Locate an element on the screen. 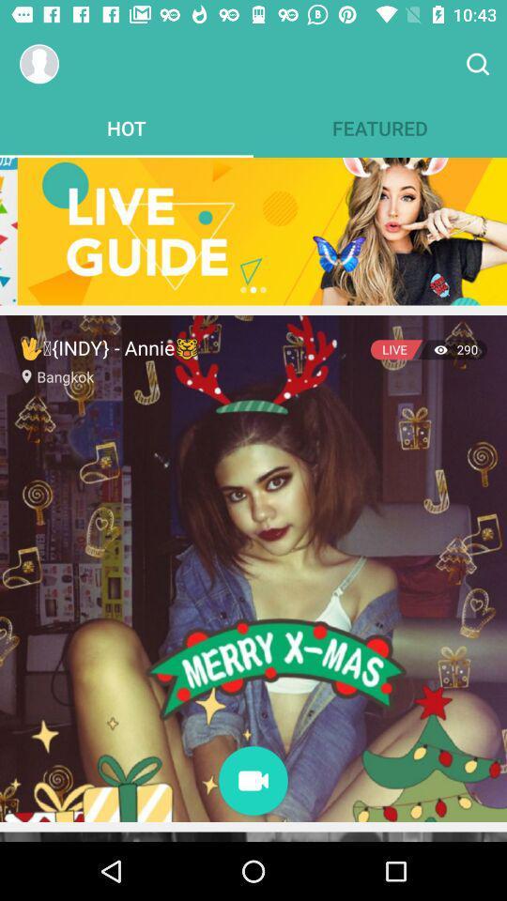 The width and height of the screenshot is (507, 901). record video is located at coordinates (253, 782).